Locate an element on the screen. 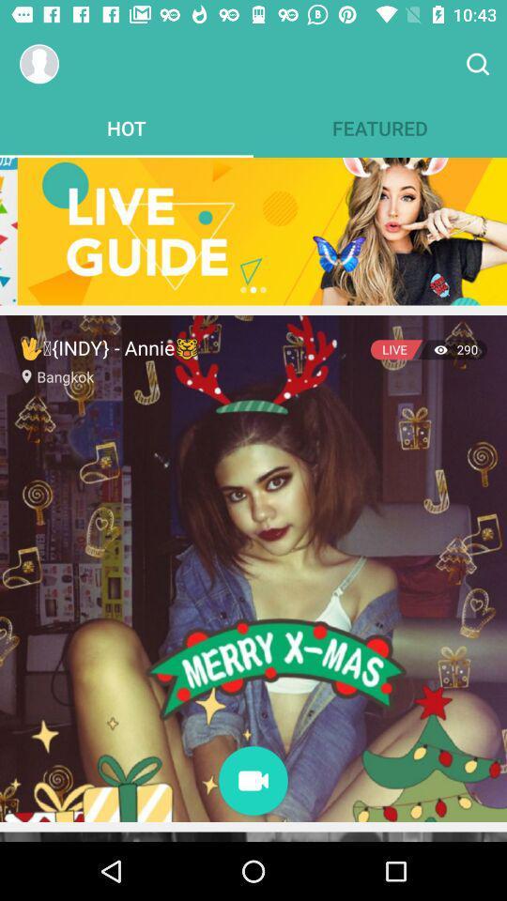 The width and height of the screenshot is (507, 901). record video is located at coordinates (253, 782).